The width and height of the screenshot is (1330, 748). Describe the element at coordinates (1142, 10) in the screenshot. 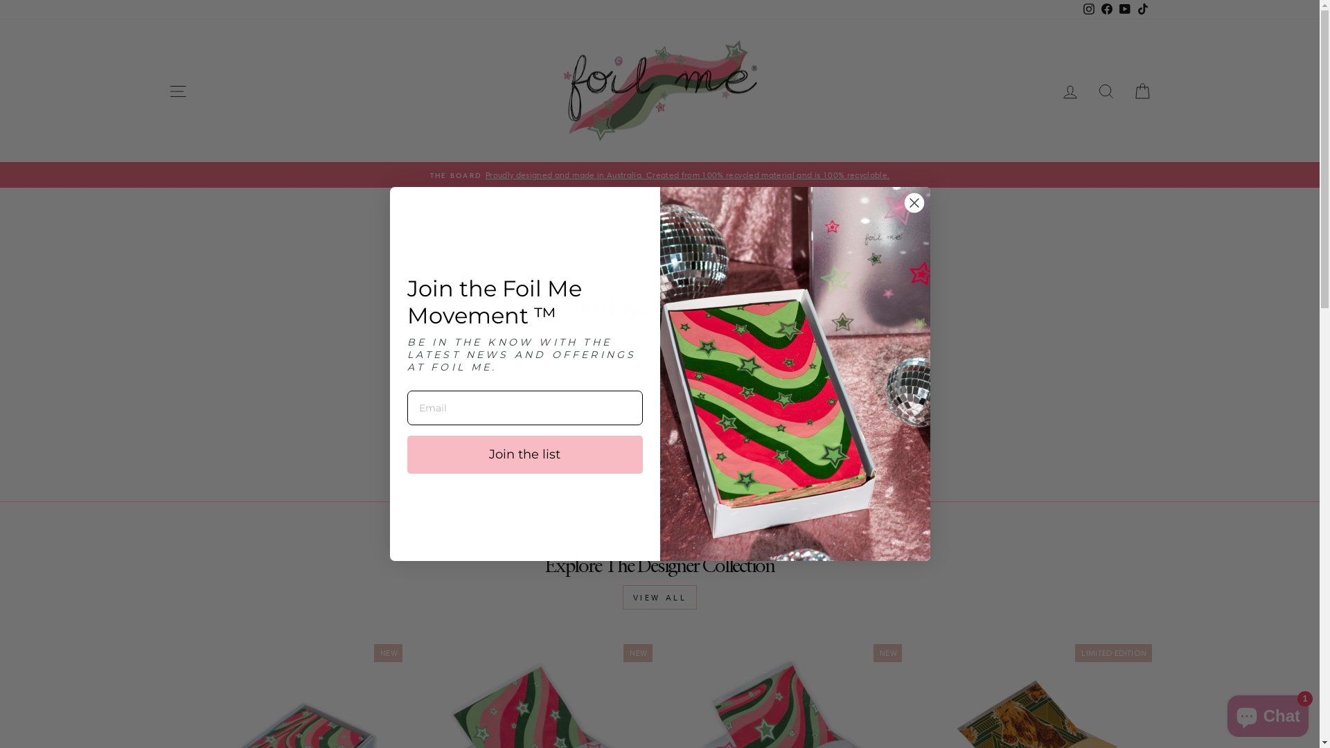

I see `'TikTok'` at that location.